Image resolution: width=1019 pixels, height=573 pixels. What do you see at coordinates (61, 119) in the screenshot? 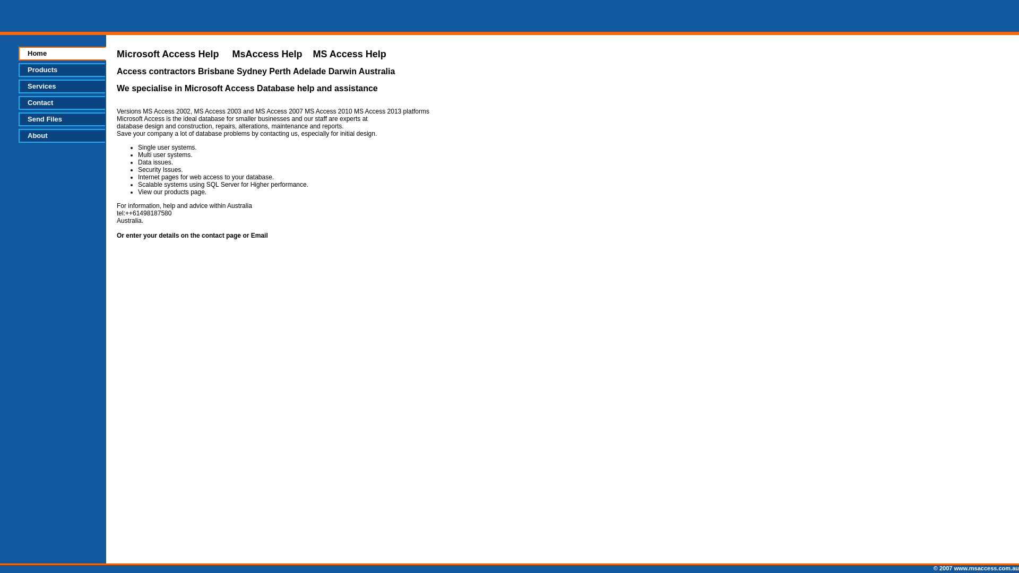
I see `'Send Files'` at bounding box center [61, 119].